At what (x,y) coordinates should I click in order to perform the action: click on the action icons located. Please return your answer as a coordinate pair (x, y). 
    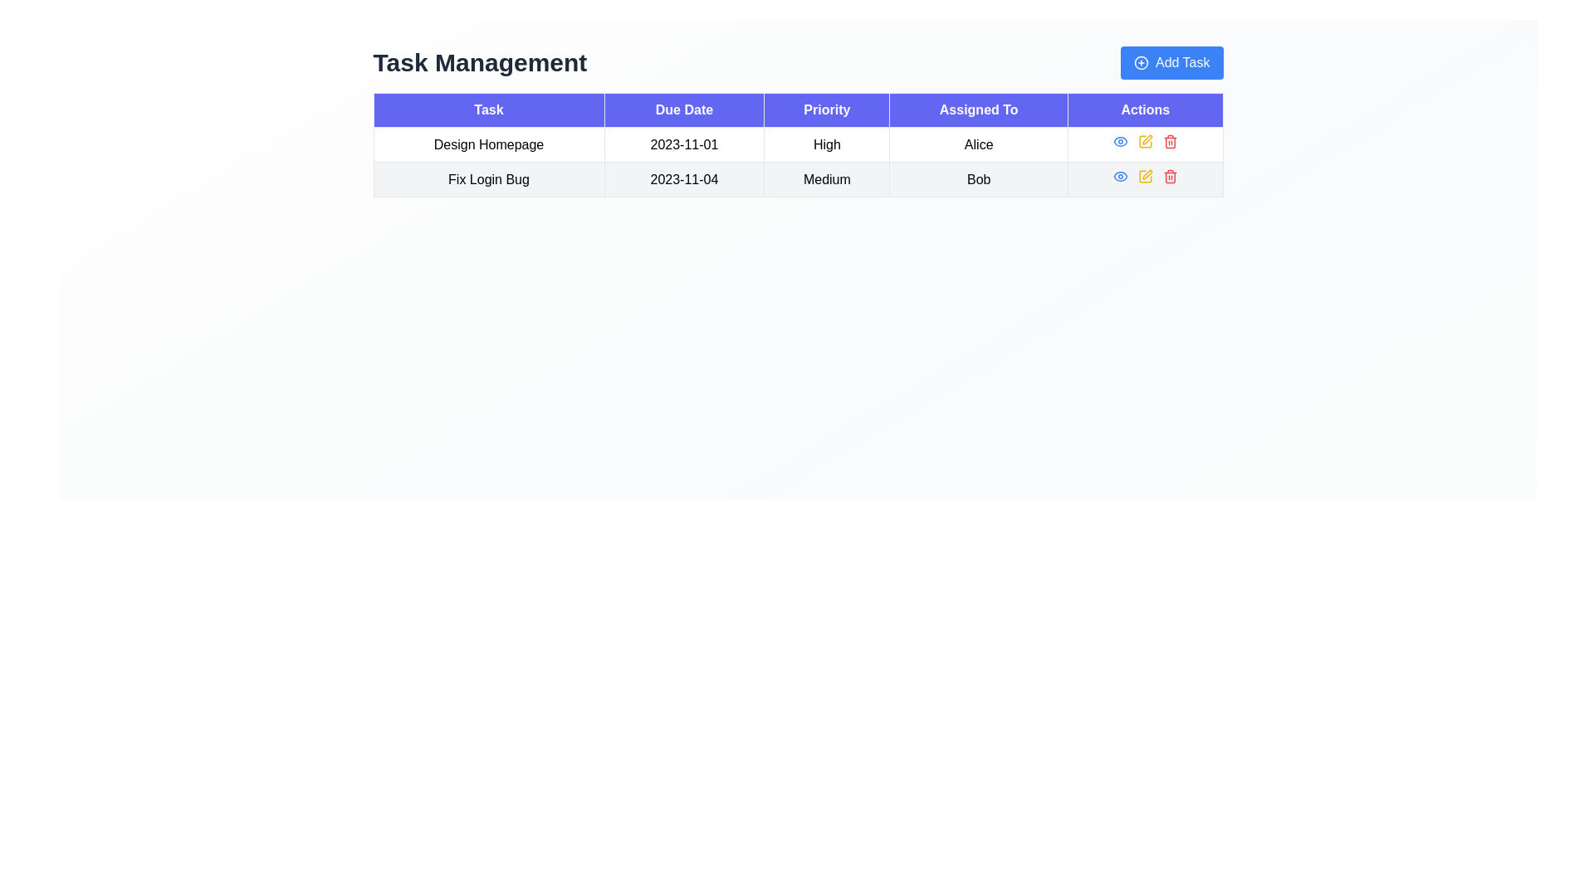
    Looking at the image, I should click on (1143, 179).